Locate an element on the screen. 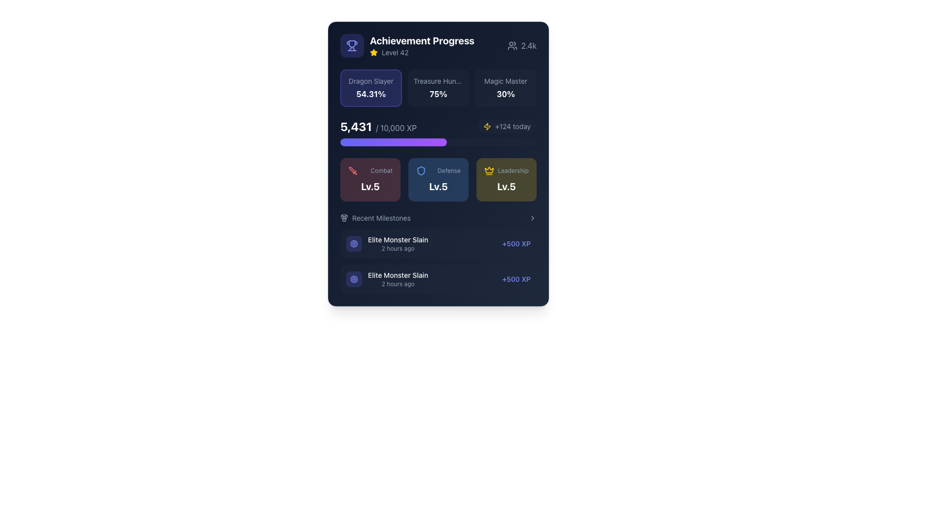  the text label displaying ‘+500 XP’ in indigo color, which is part of the milestone record card labeled 'Elite Monster Slain 2 hours ago' is located at coordinates (516, 279).